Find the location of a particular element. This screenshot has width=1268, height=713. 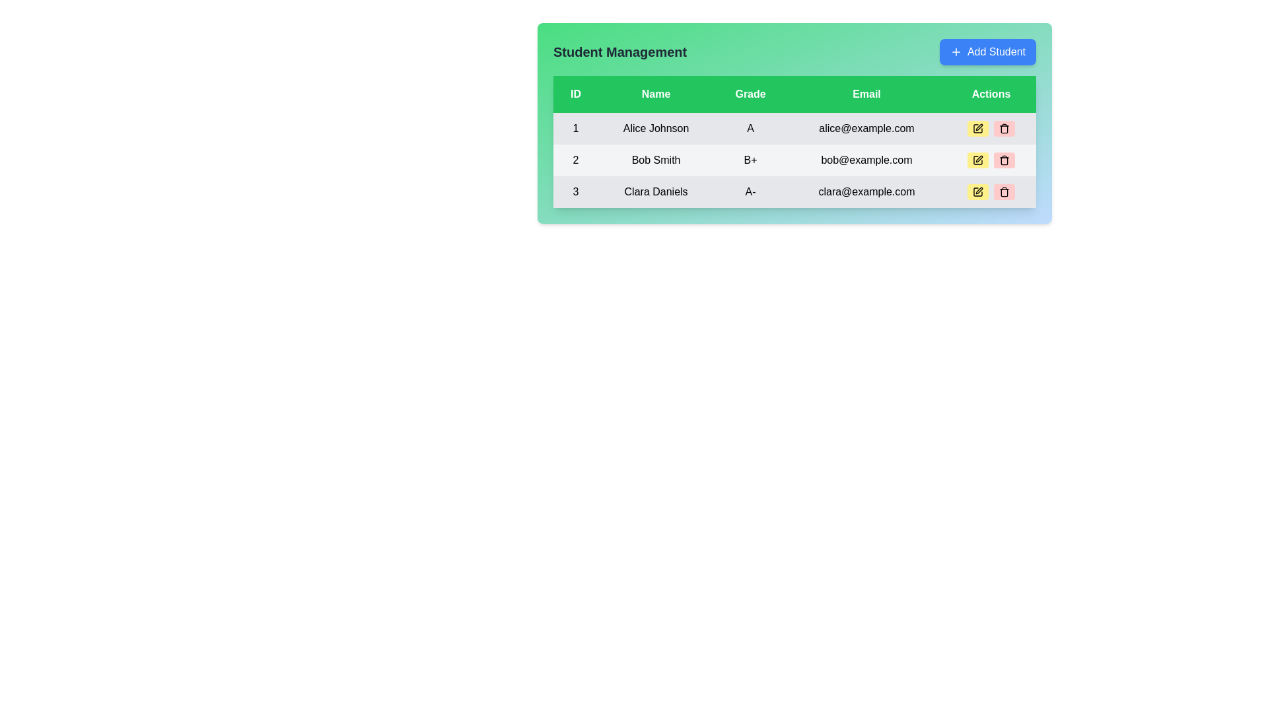

the text display element in the second row of the table that shows the email address 'Bob Smith' located in the fourth column is located at coordinates (866, 160).